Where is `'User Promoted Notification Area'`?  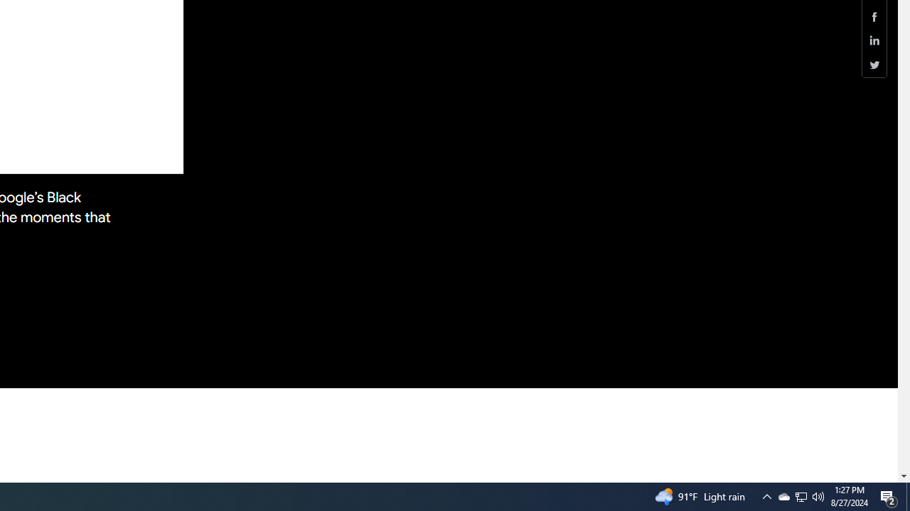 'User Promoted Notification Area' is located at coordinates (801, 495).